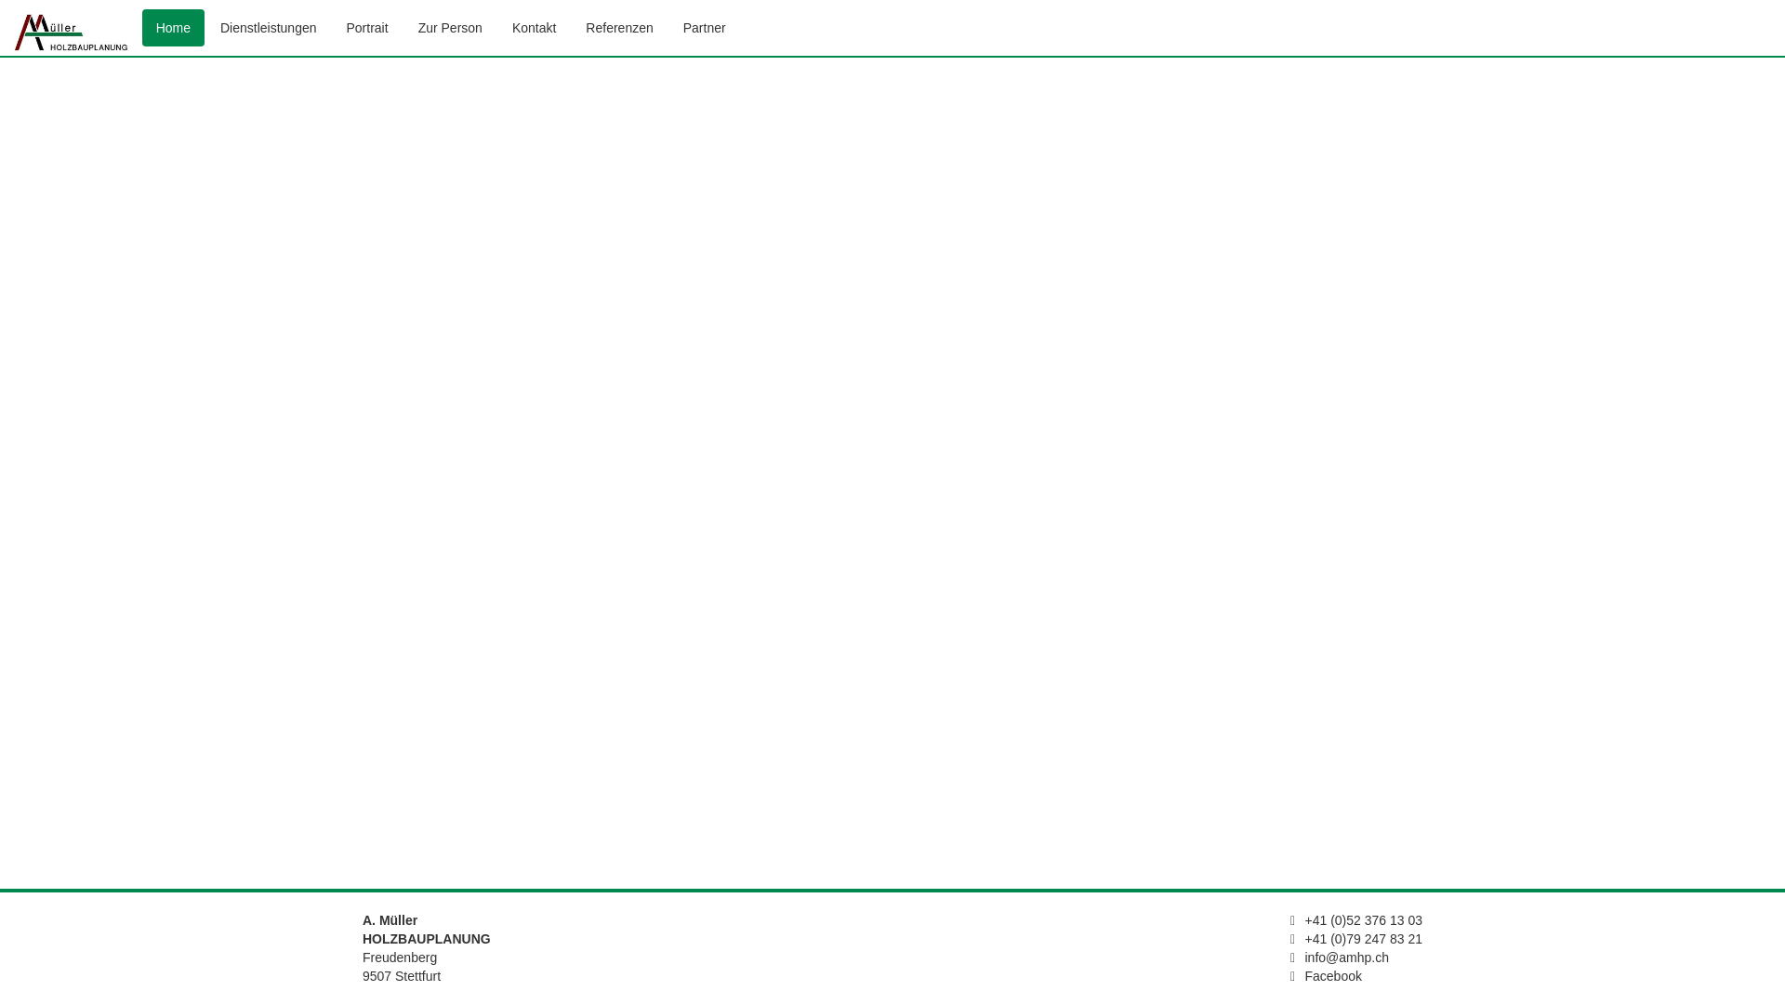 This screenshot has height=1004, width=1785. Describe the element at coordinates (570, 28) in the screenshot. I see `'Referenzen'` at that location.